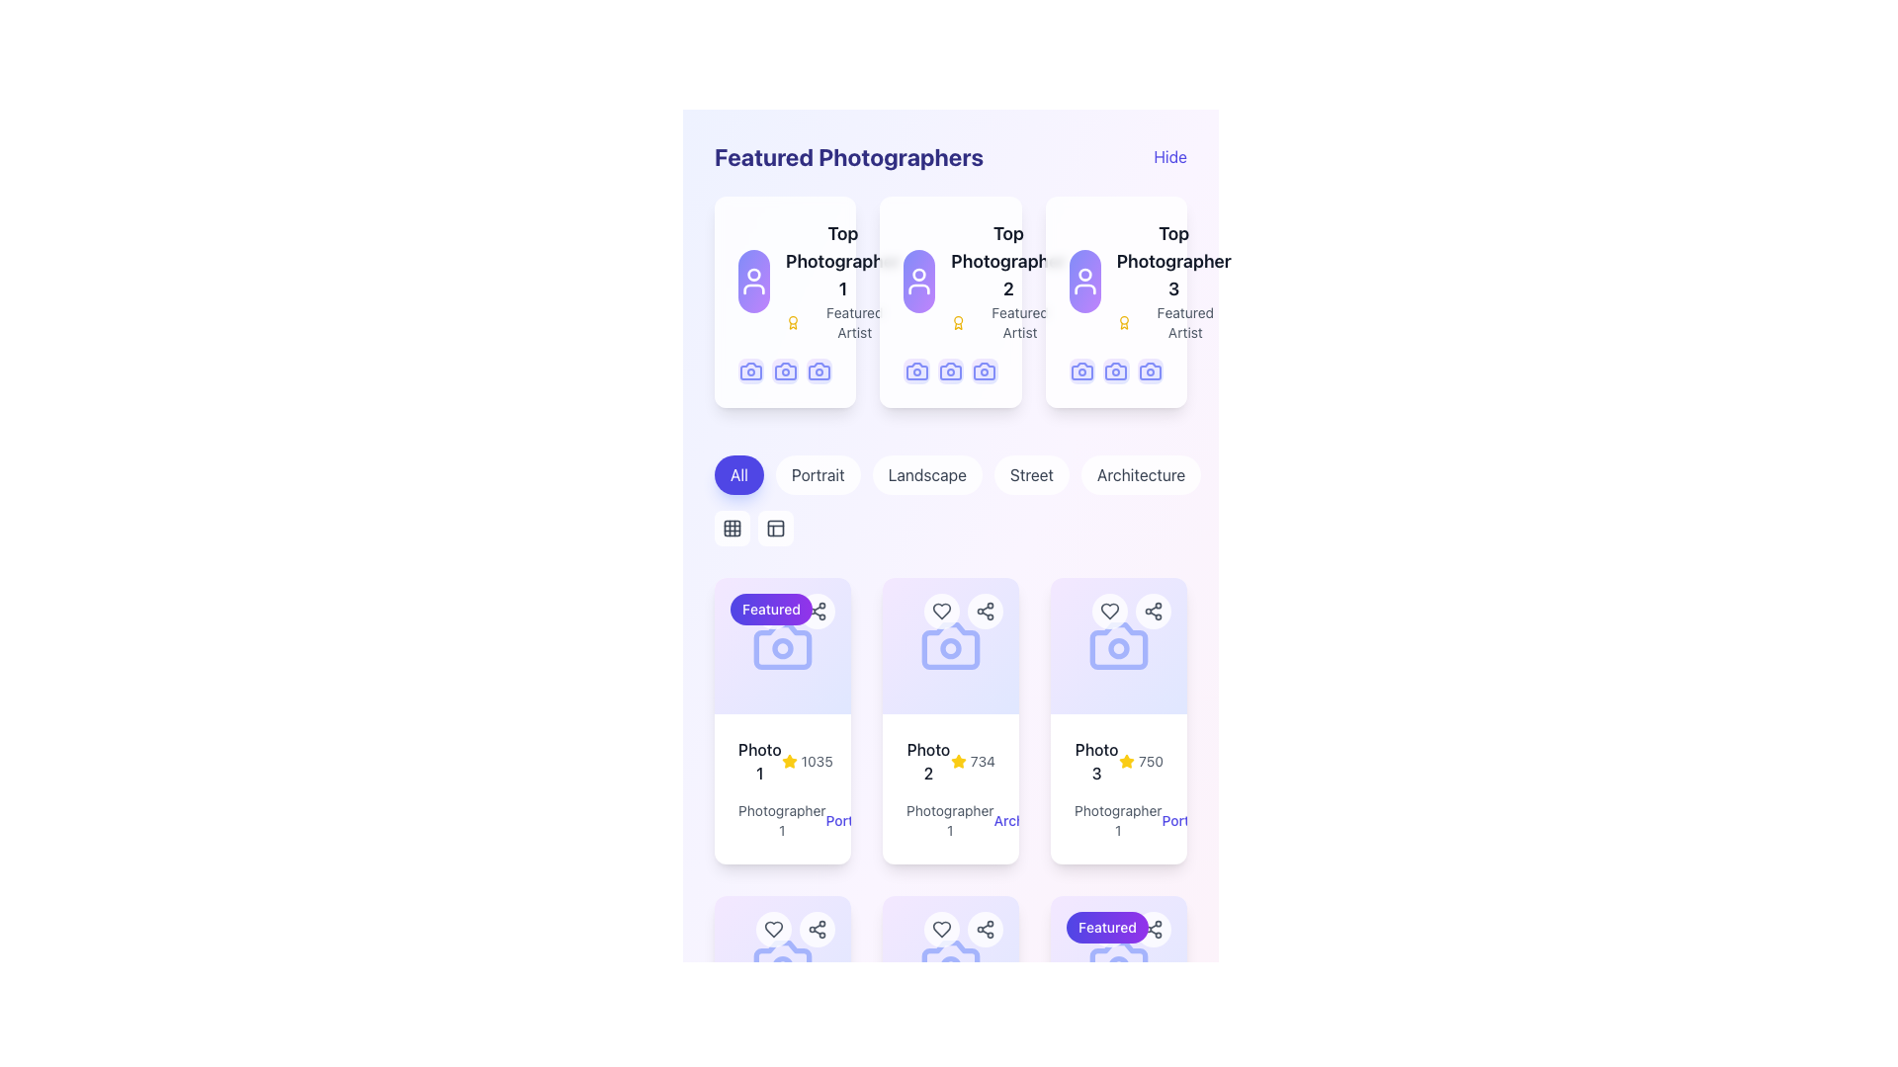 This screenshot has width=1898, height=1067. Describe the element at coordinates (1150, 371) in the screenshot. I see `the interactive camera icon representing 'Photographer 3' located in the 'Top Photographer 3' card of the 'Featured Photographers' section` at that location.